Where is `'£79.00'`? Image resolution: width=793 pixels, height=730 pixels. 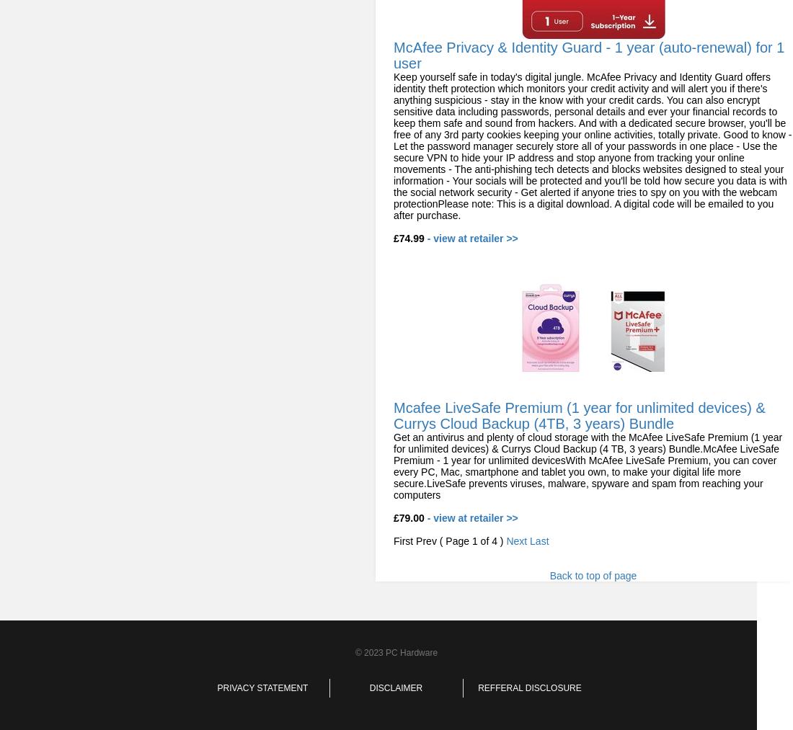 '£79.00' is located at coordinates (394, 518).